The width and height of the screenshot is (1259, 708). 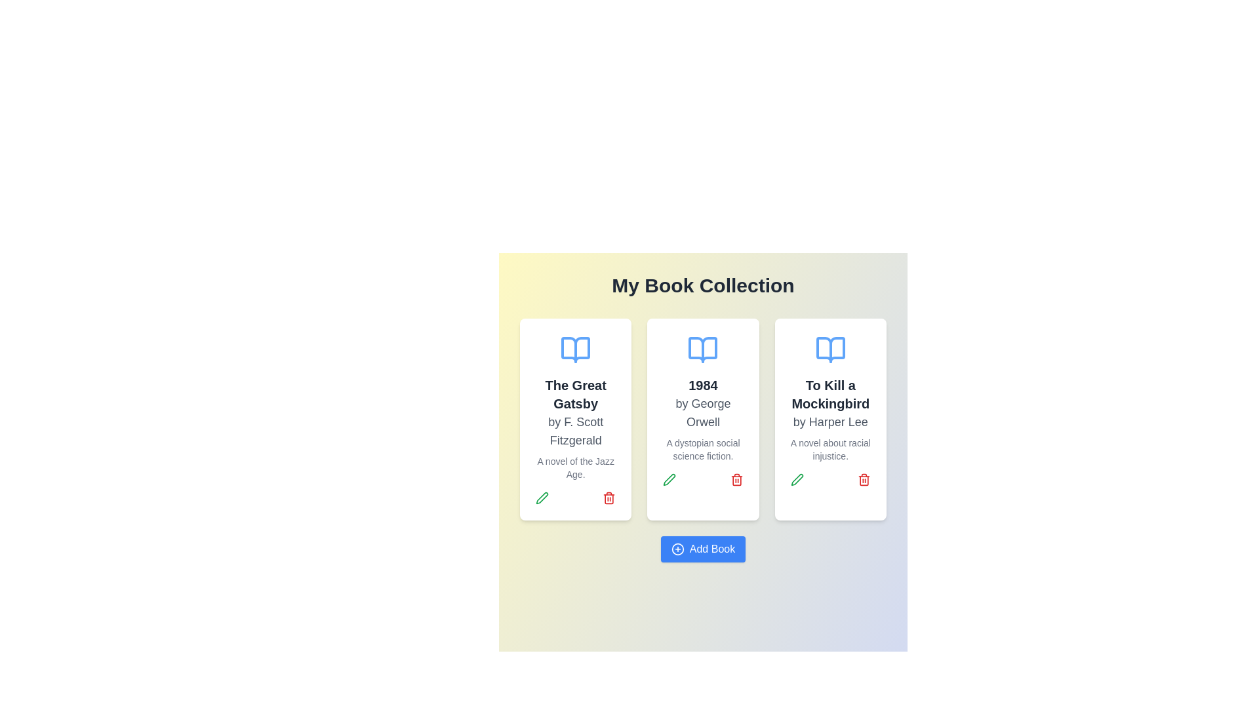 What do you see at coordinates (609, 499) in the screenshot?
I see `the trash bin icon button located at the bottom right of the card for 'The Great Gatsby'` at bounding box center [609, 499].